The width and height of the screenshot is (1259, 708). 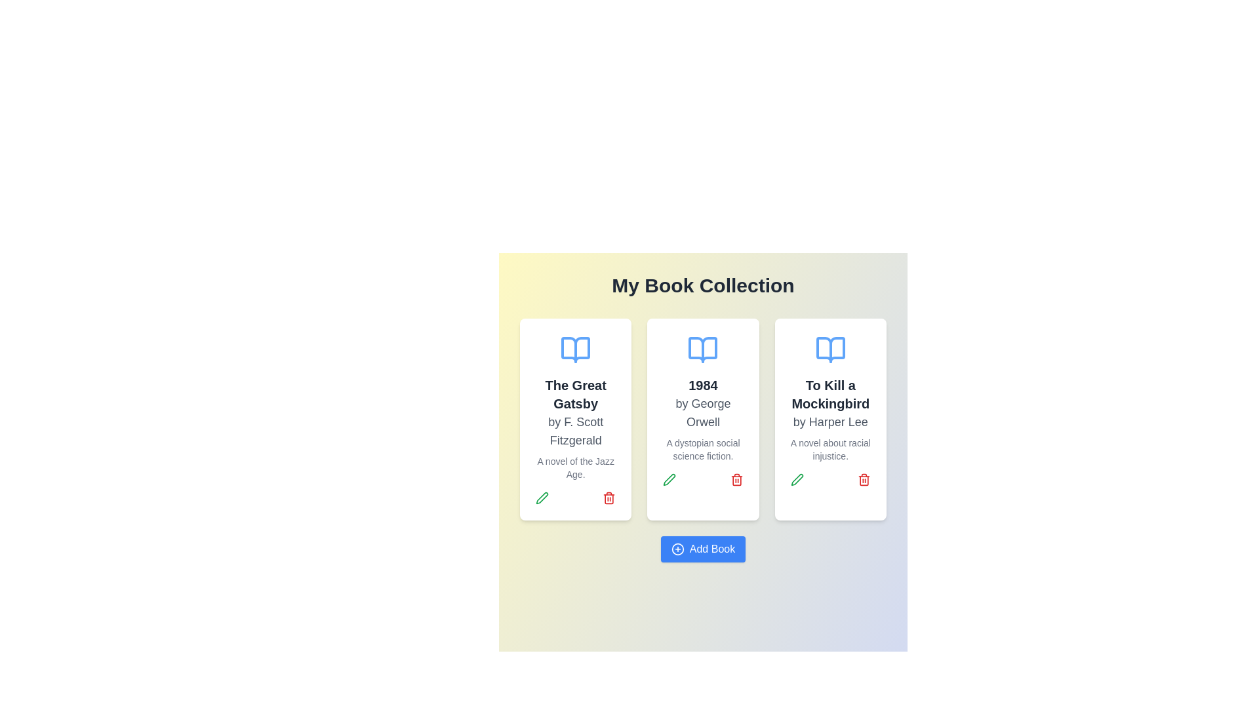 What do you see at coordinates (609, 499) in the screenshot?
I see `the trash bin icon button located at the bottom right of the card for 'The Great Gatsby'` at bounding box center [609, 499].